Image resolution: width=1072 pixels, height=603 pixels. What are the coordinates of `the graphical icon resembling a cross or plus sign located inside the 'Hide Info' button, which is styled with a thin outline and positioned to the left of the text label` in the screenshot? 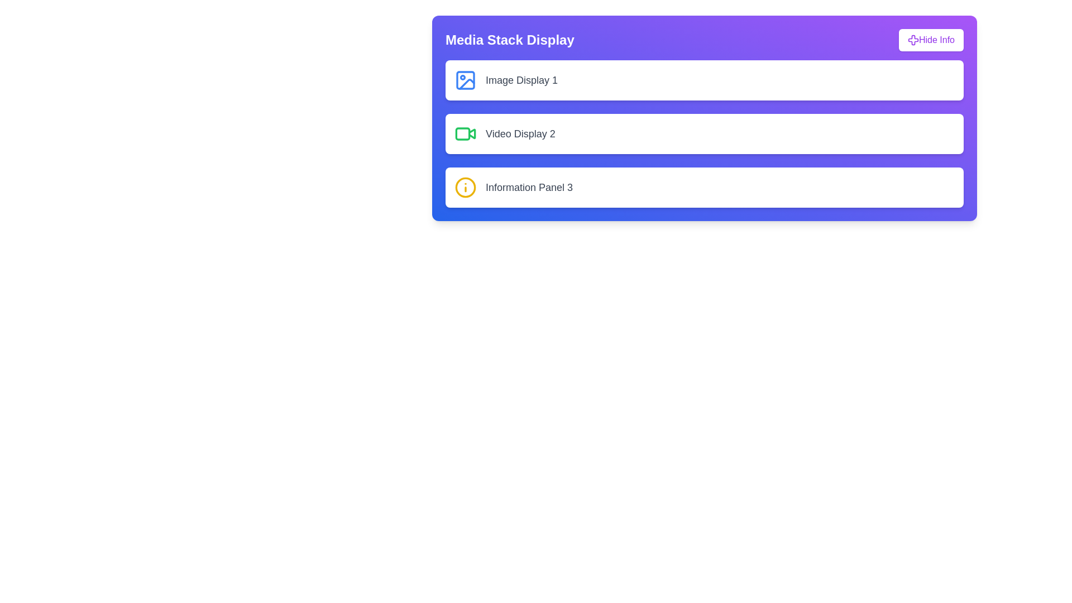 It's located at (913, 40).